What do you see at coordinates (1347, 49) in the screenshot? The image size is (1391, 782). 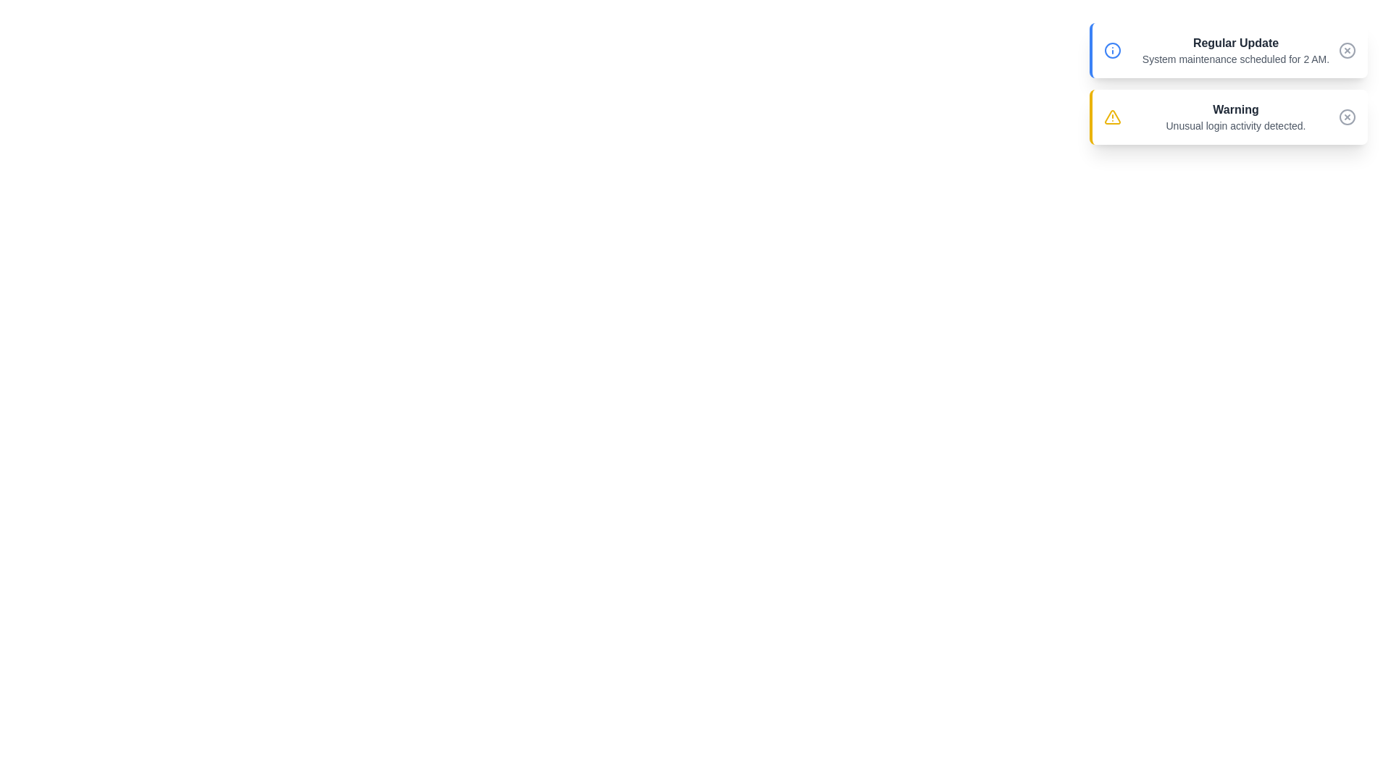 I see `dismiss button for the notification titled Regular Update` at bounding box center [1347, 49].